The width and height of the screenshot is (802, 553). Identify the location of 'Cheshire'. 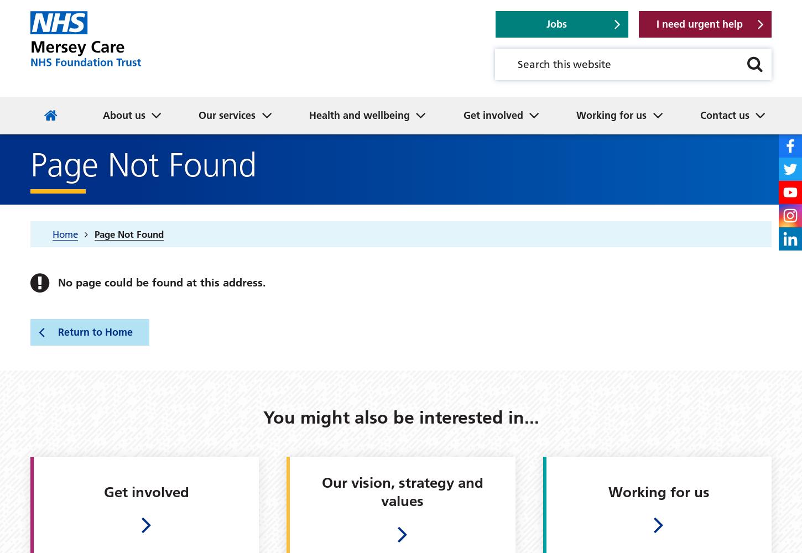
(333, 72).